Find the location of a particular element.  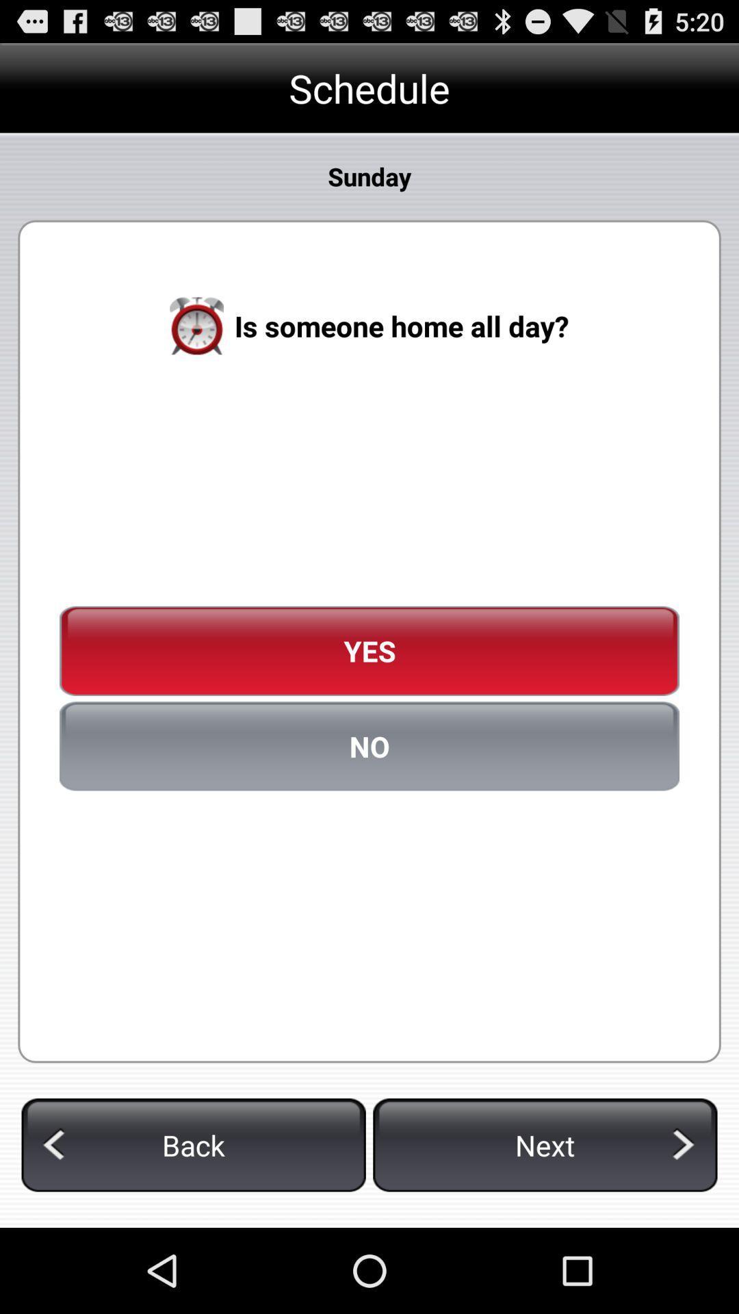

the icon at the bottom left corner is located at coordinates (194, 1145).